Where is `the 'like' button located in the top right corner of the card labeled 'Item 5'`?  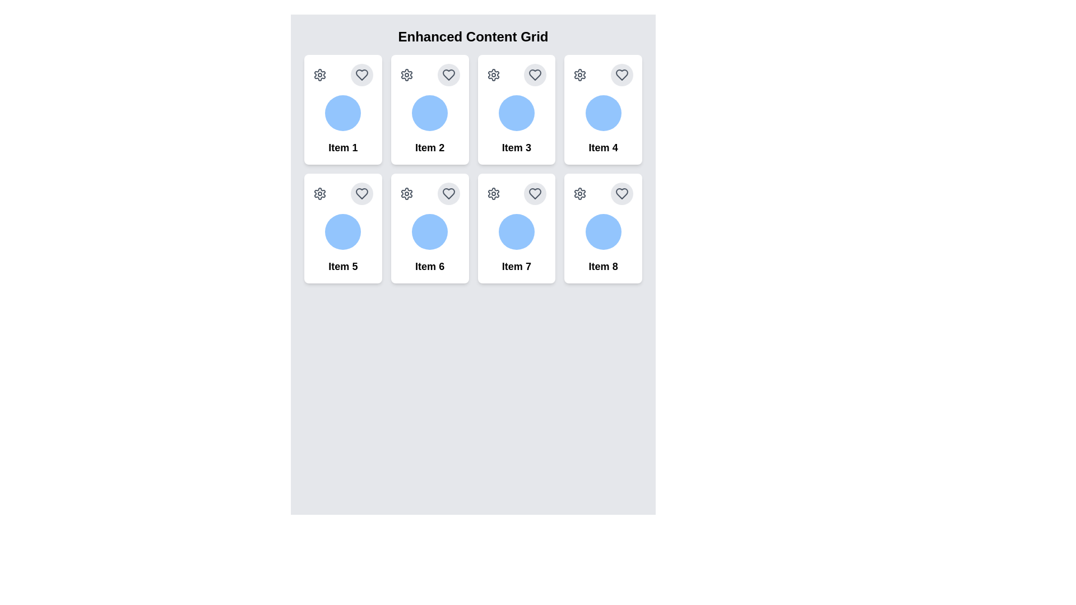
the 'like' button located in the top right corner of the card labeled 'Item 5' is located at coordinates (361, 193).